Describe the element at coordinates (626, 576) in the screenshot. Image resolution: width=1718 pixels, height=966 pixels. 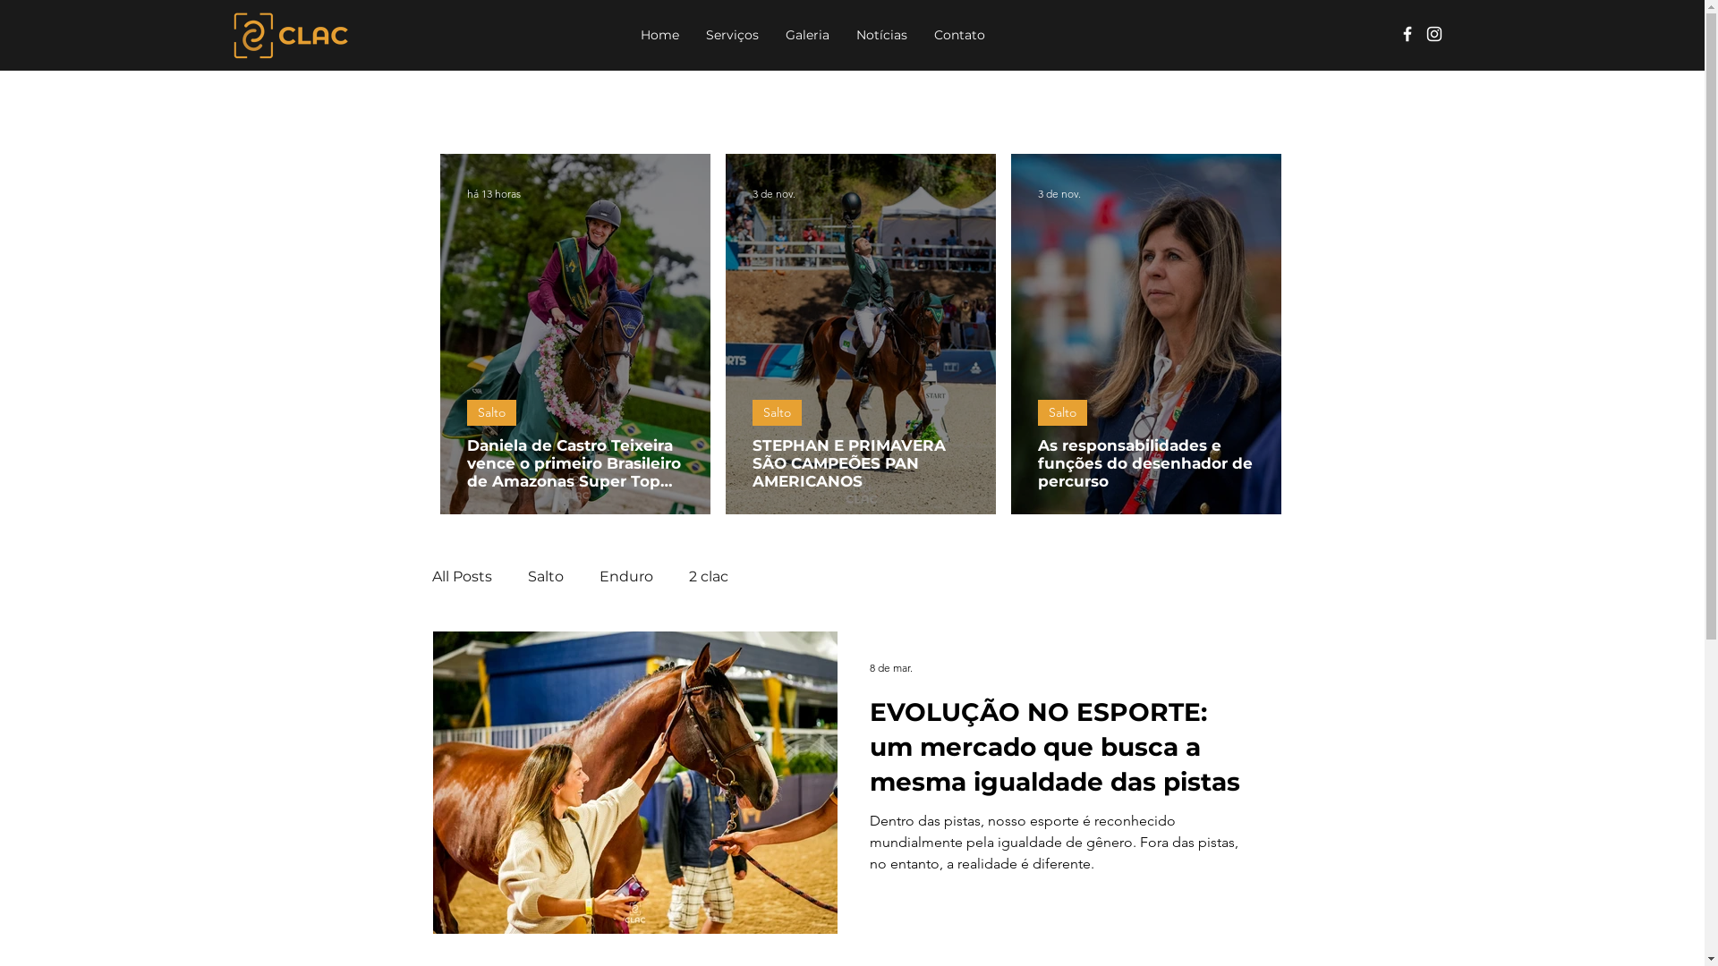
I see `'Enduro'` at that location.